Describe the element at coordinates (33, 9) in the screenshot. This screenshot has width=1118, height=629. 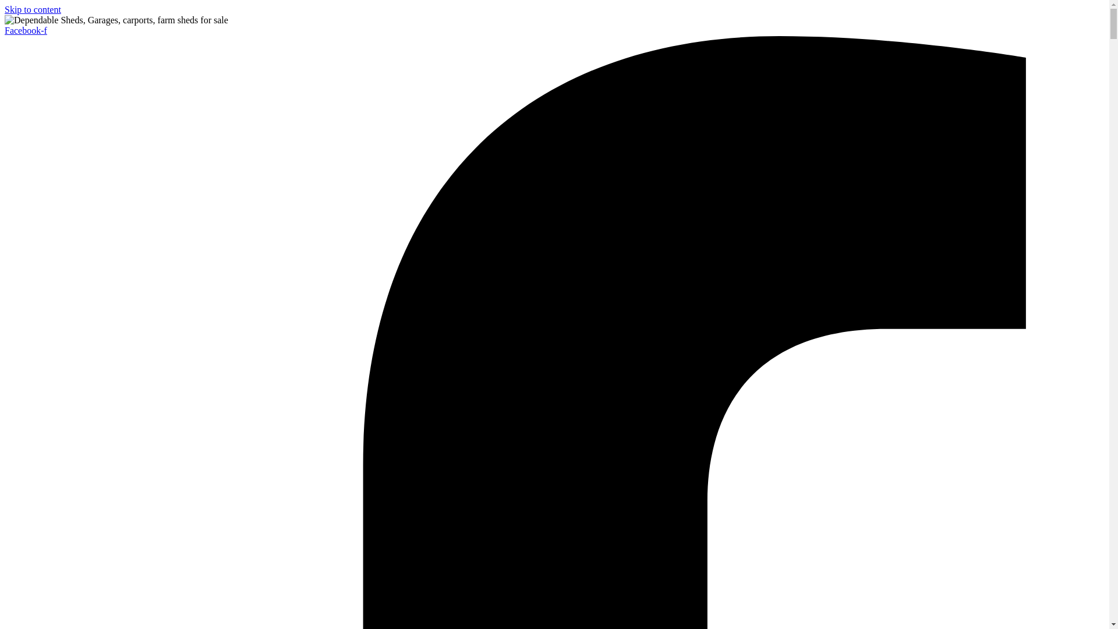
I see `'Skip to content'` at that location.